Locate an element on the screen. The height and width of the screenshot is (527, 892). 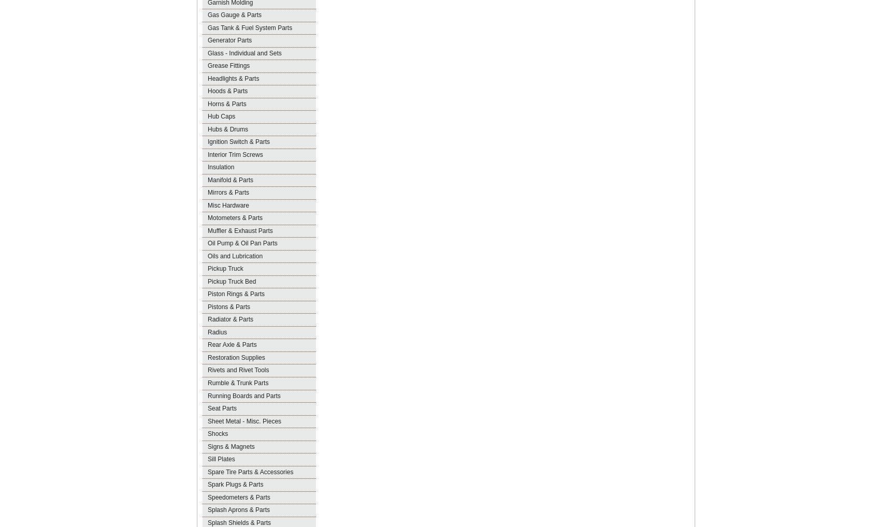
'Restoration Supplies' is located at coordinates (208, 357).